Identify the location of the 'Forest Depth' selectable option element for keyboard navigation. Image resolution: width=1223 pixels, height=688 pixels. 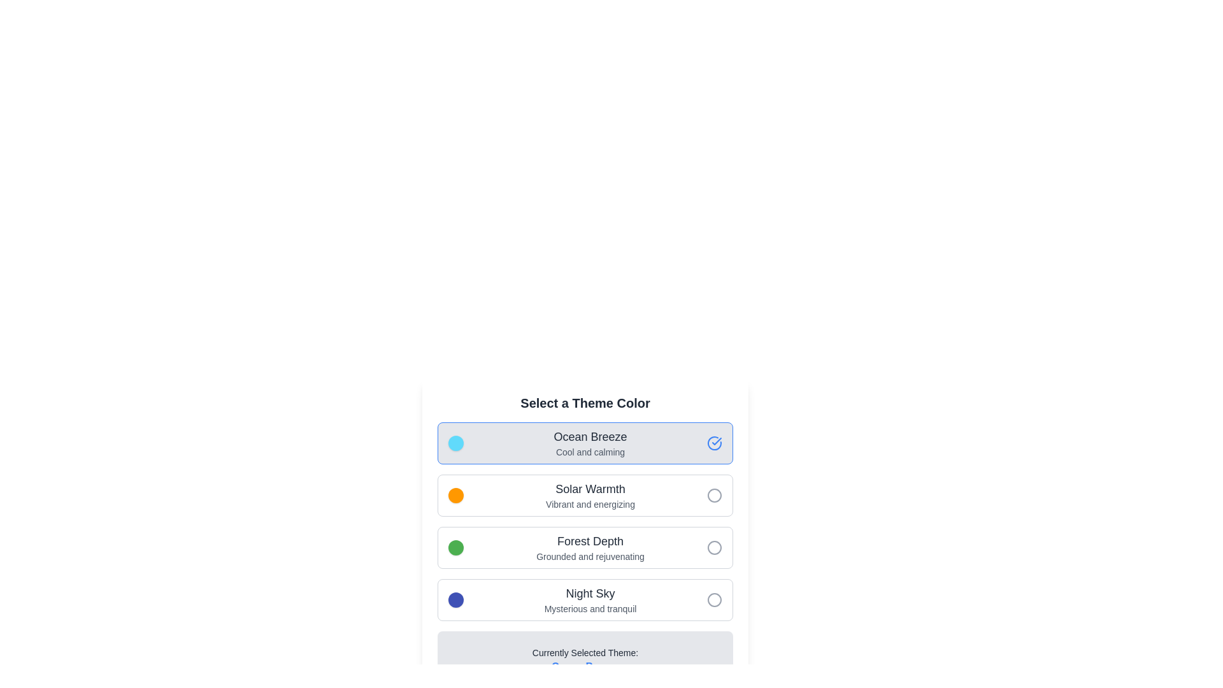
(584, 547).